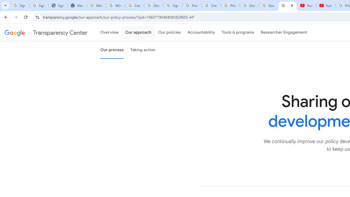  I want to click on 'YouTube', so click(307, 5).